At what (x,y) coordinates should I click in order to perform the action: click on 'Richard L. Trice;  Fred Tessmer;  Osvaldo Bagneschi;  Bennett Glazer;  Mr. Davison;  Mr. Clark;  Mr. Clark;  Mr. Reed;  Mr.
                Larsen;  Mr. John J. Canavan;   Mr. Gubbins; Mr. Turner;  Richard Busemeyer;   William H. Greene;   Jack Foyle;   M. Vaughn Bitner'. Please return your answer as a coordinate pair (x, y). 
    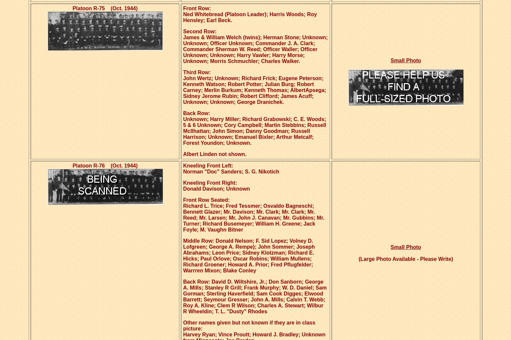
    Looking at the image, I should click on (253, 218).